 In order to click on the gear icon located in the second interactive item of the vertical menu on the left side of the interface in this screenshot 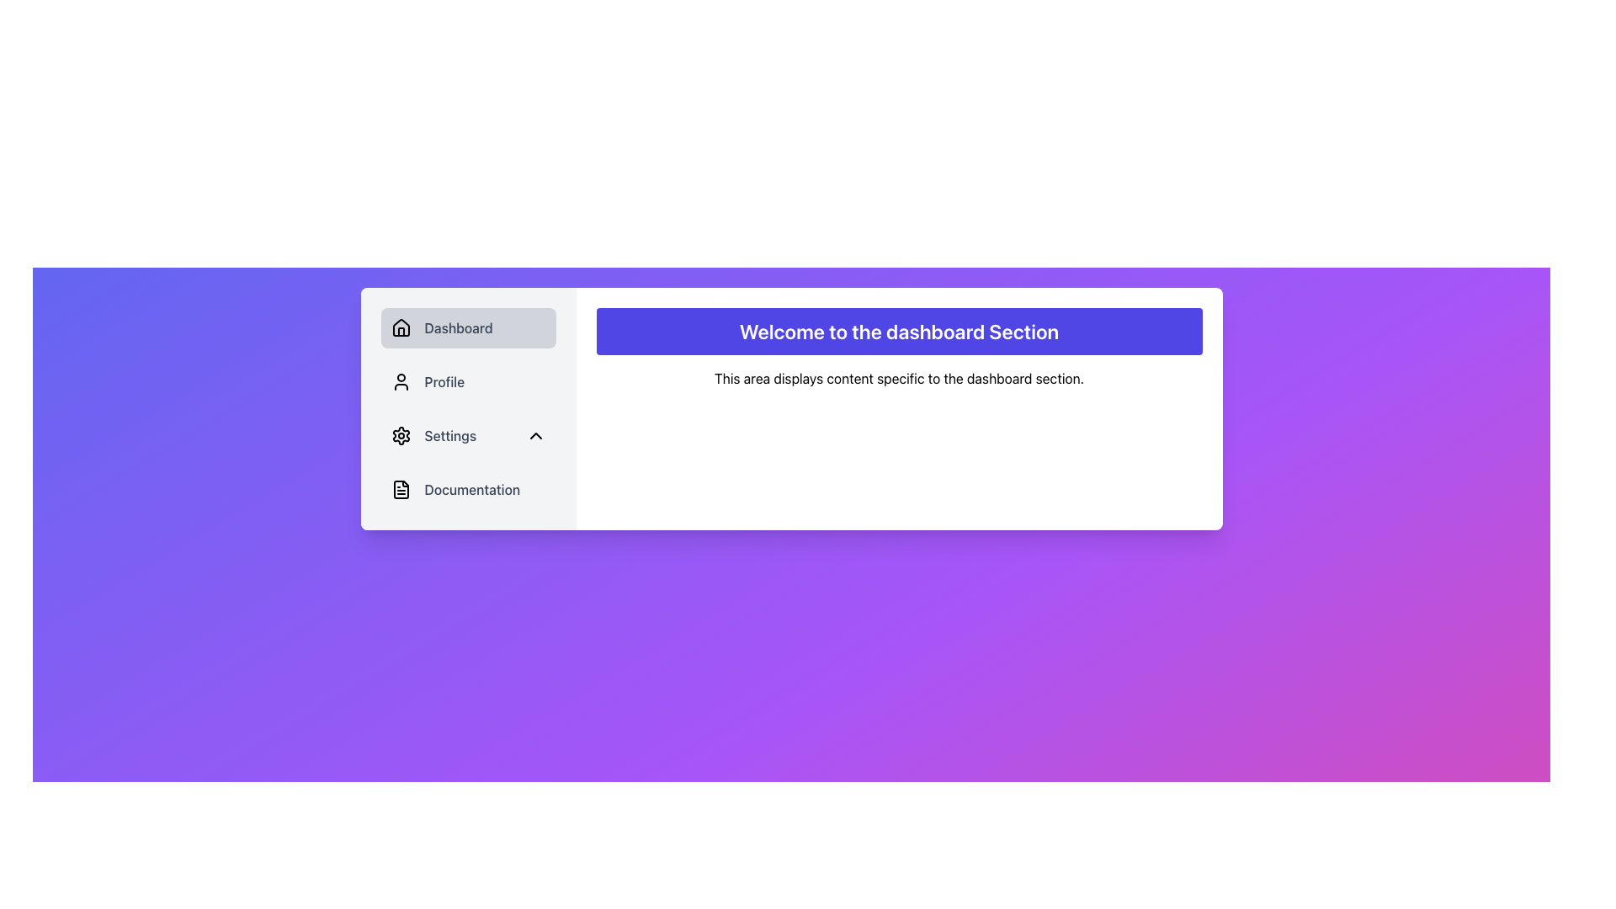, I will do `click(400, 434)`.